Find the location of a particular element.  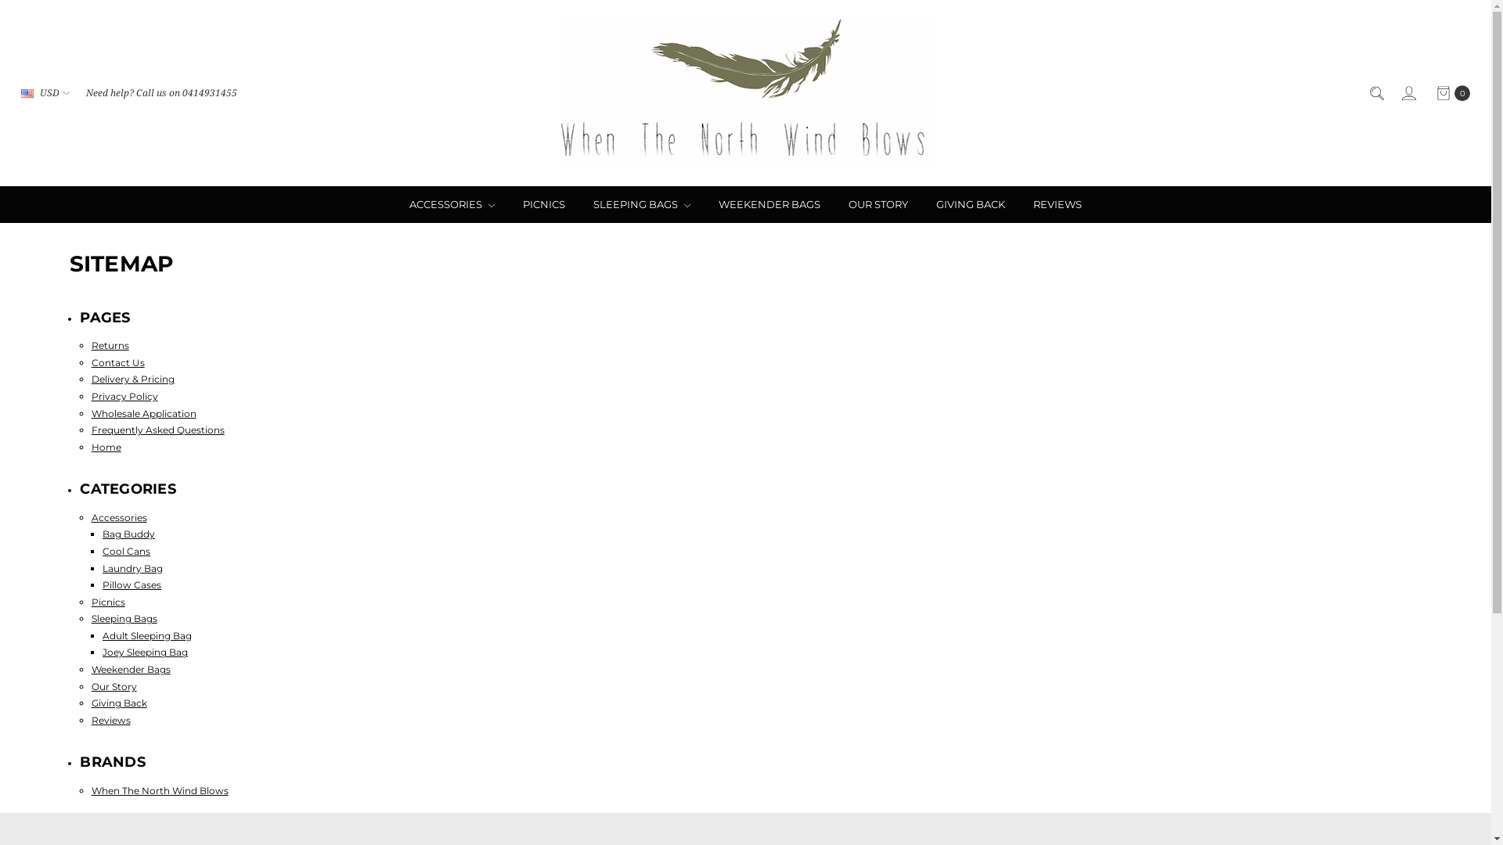

'Accessories' is located at coordinates (118, 517).